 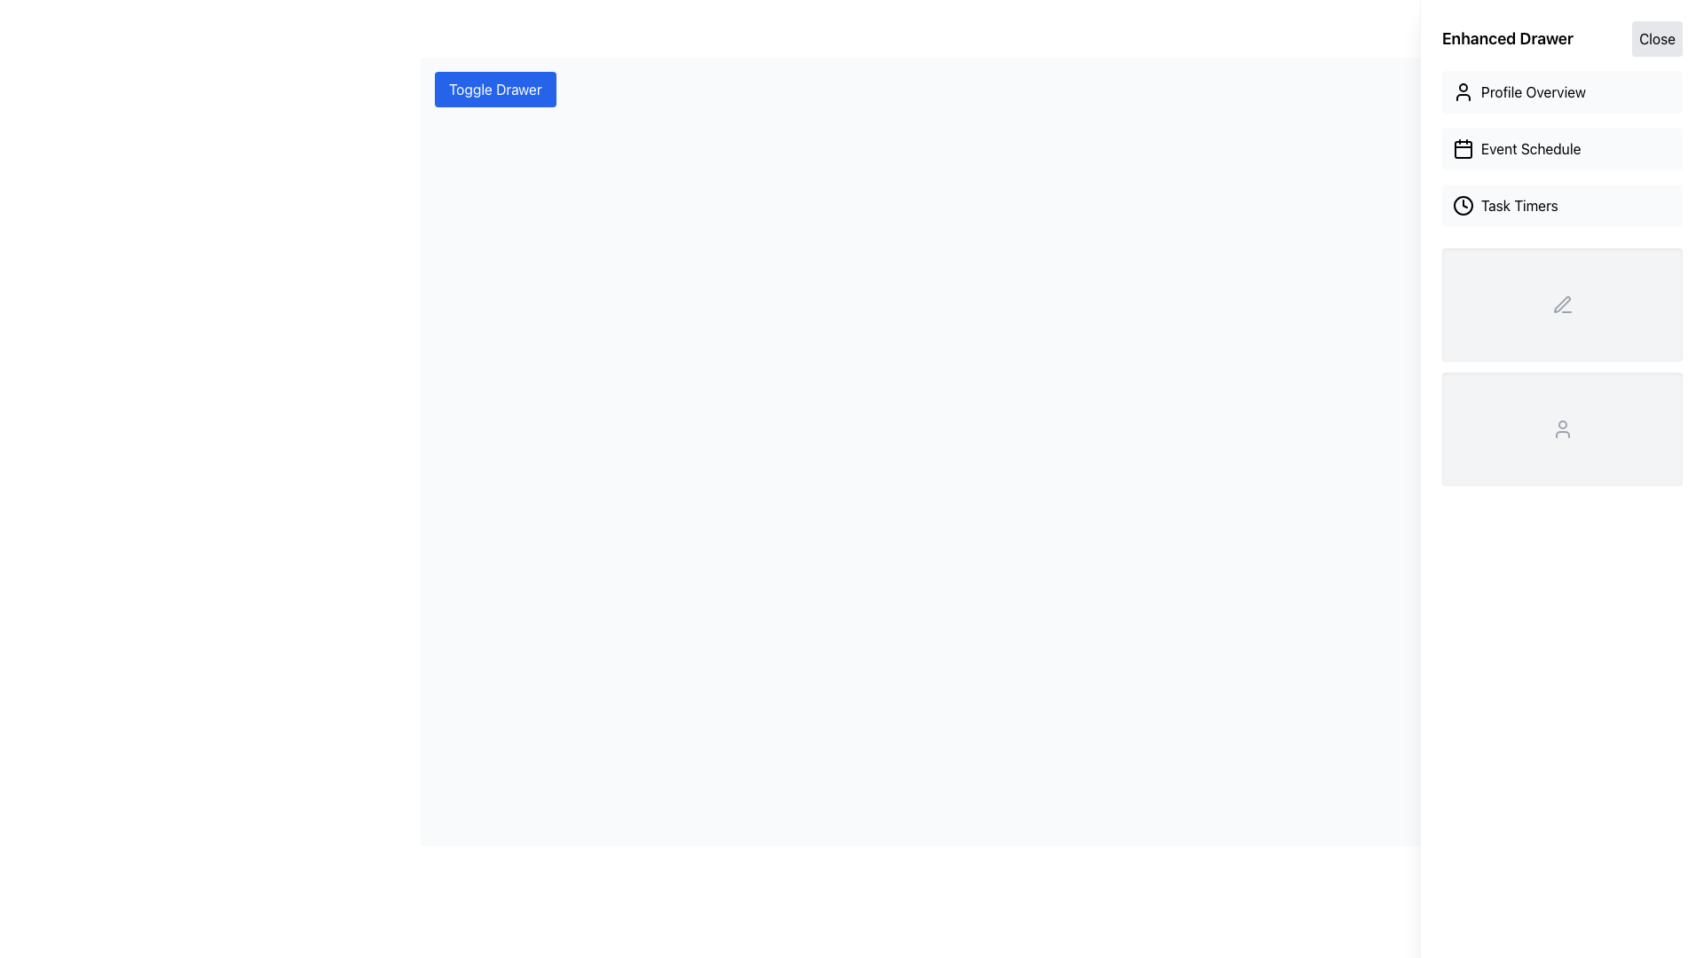 What do you see at coordinates (1463, 149) in the screenshot?
I see `the background rectangle within the calendar icon of the 'Event Schedule' option located in the sidebar list` at bounding box center [1463, 149].